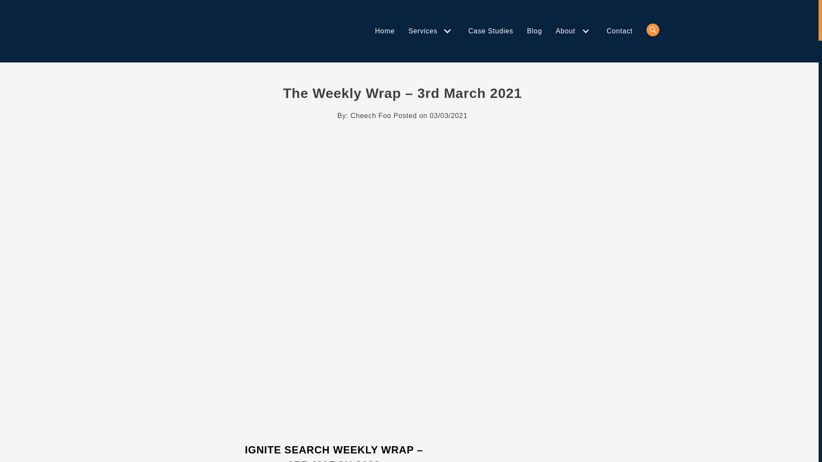  Describe the element at coordinates (424, 31) in the screenshot. I see `'Services'` at that location.